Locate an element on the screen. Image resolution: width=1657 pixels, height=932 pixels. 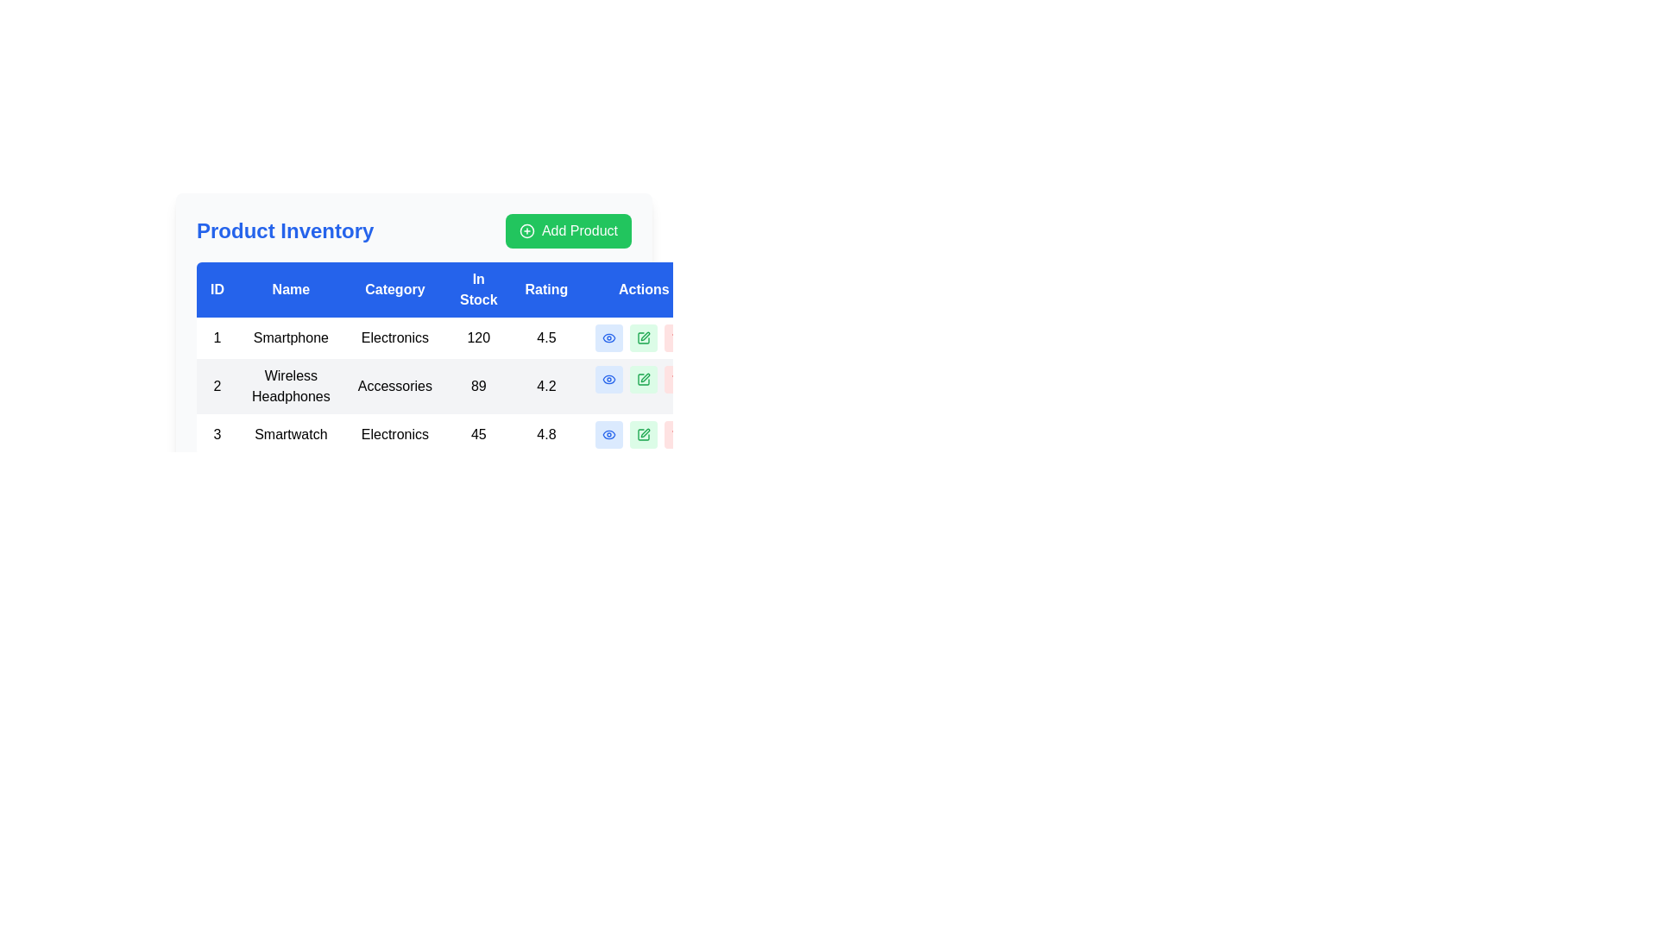
the 'Electronics' Text Label located in the third row of the table under the 'Category' column for the product 'Smartwatch' is located at coordinates (394, 434).